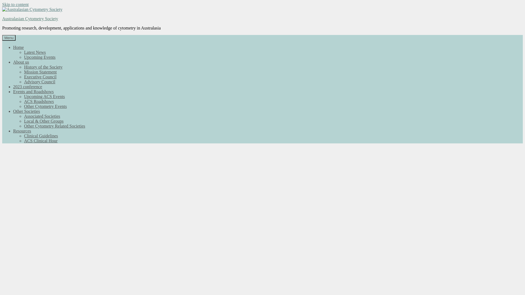 This screenshot has height=295, width=525. What do you see at coordinates (40, 77) in the screenshot?
I see `'Executive Council'` at bounding box center [40, 77].